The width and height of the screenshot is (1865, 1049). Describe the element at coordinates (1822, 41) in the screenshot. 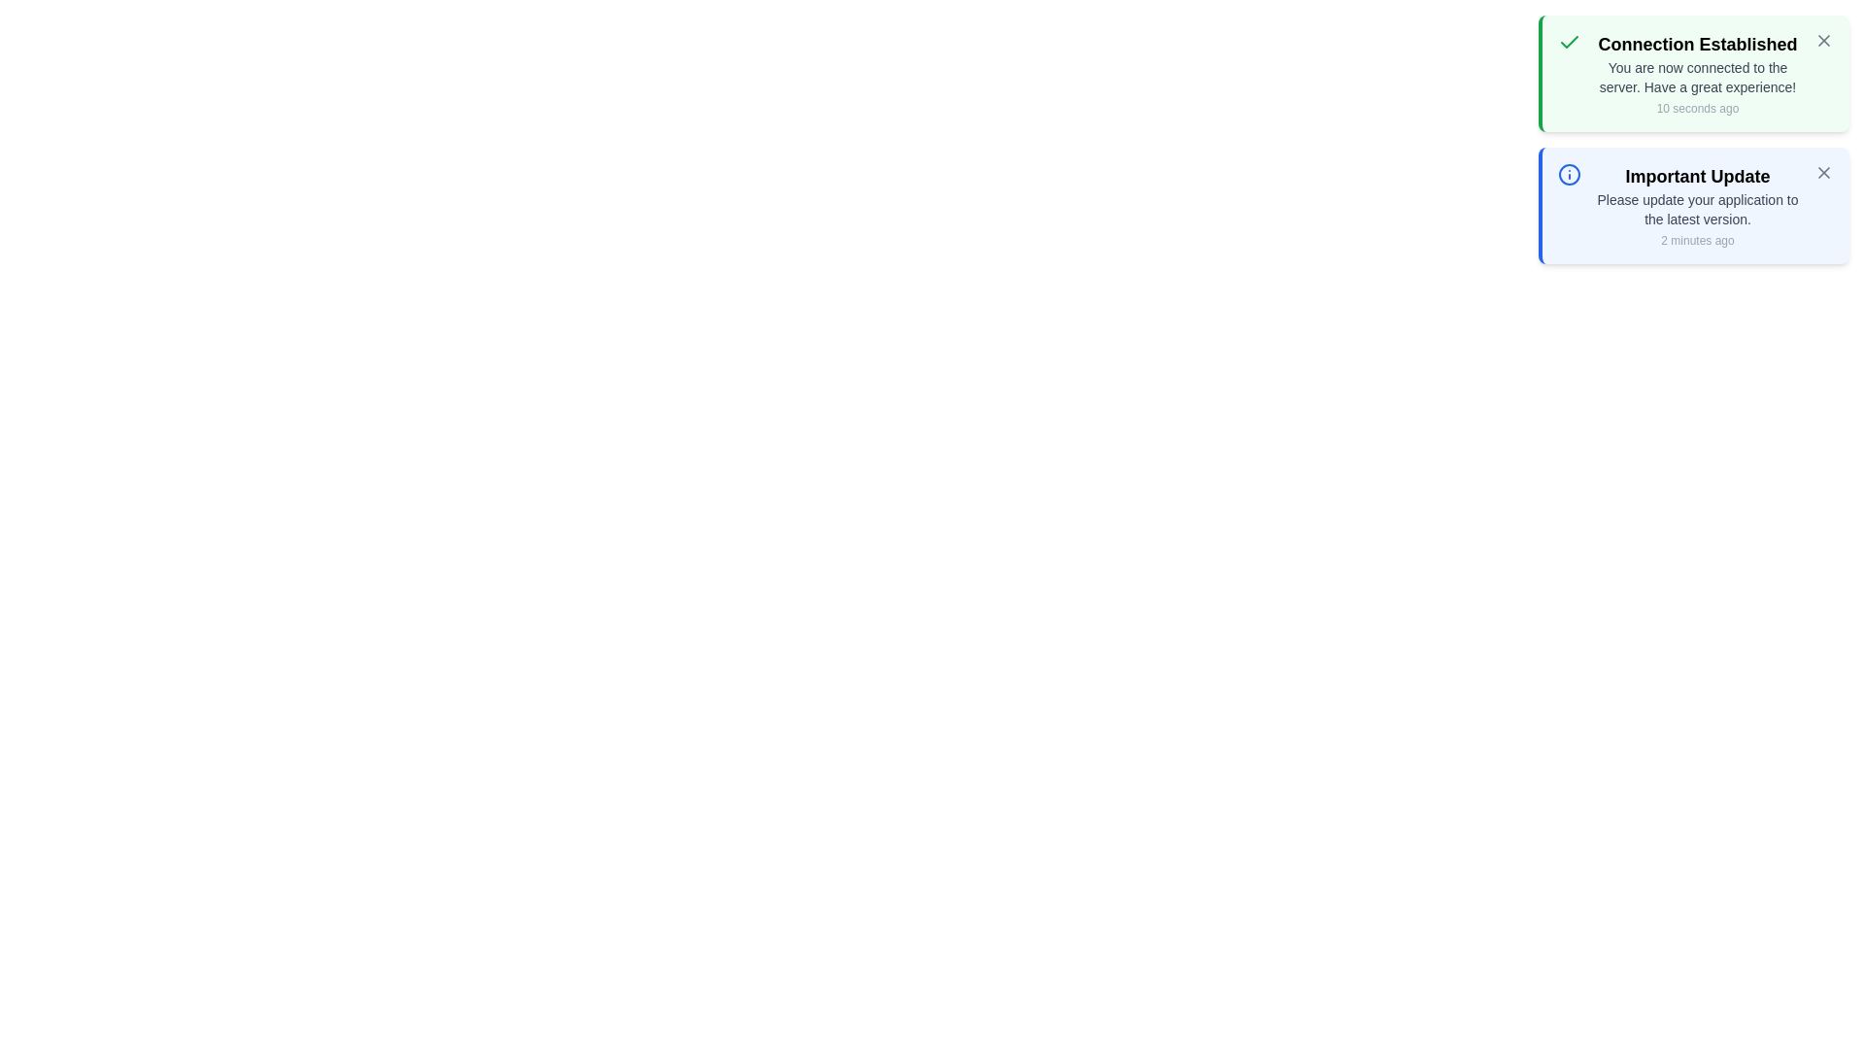

I see `close button of the notification with title 'Connection Established'` at that location.